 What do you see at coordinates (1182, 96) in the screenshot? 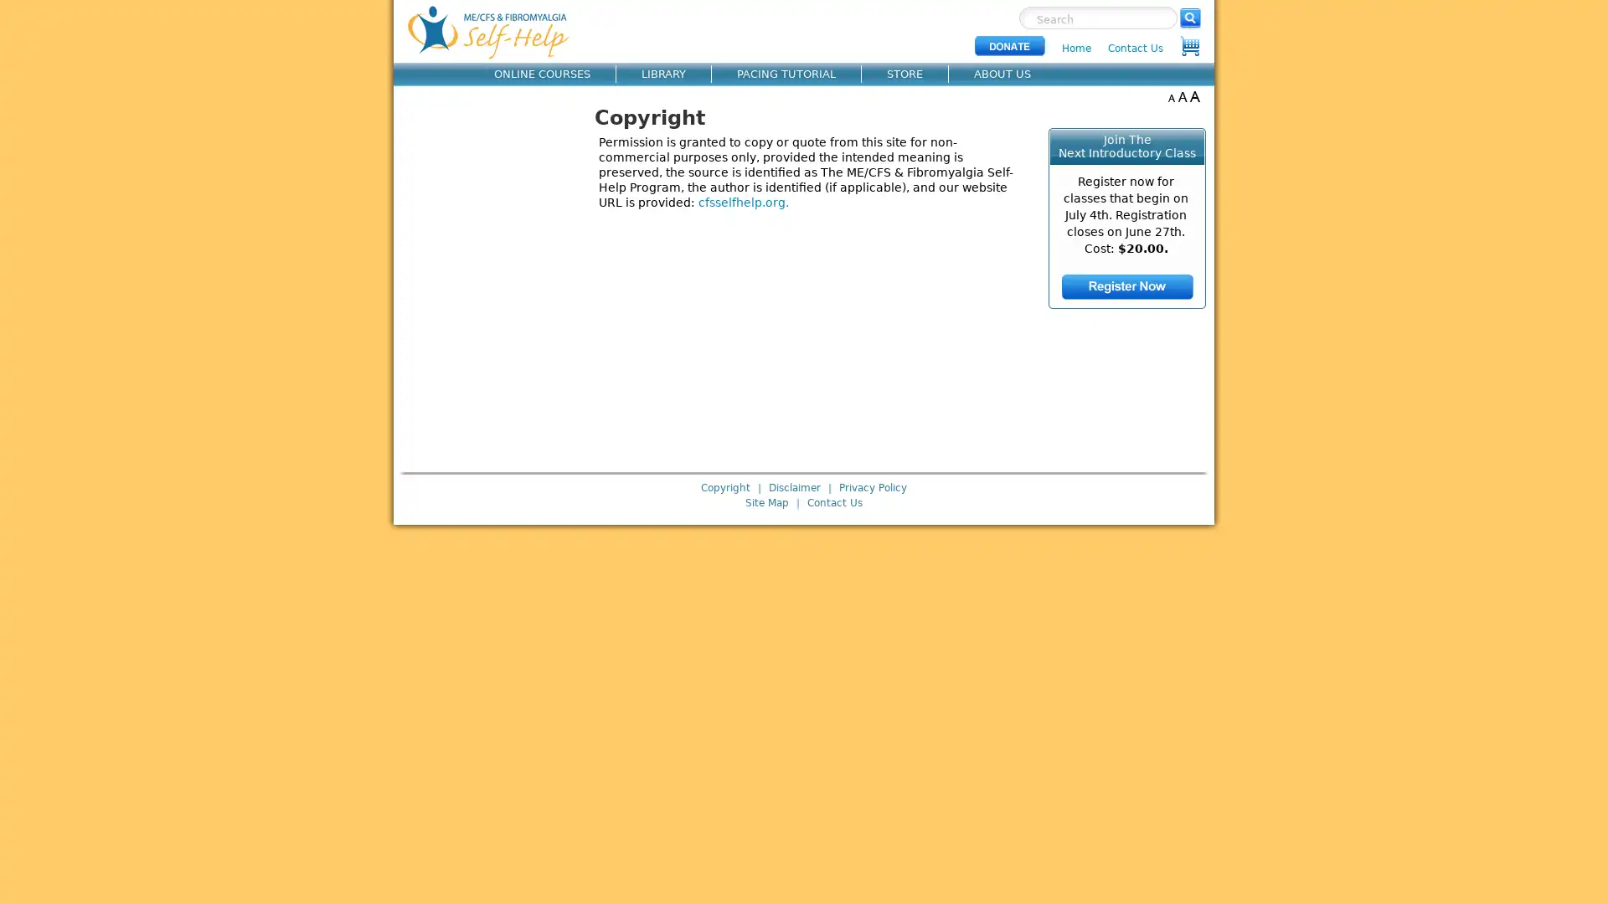
I see `A` at bounding box center [1182, 96].